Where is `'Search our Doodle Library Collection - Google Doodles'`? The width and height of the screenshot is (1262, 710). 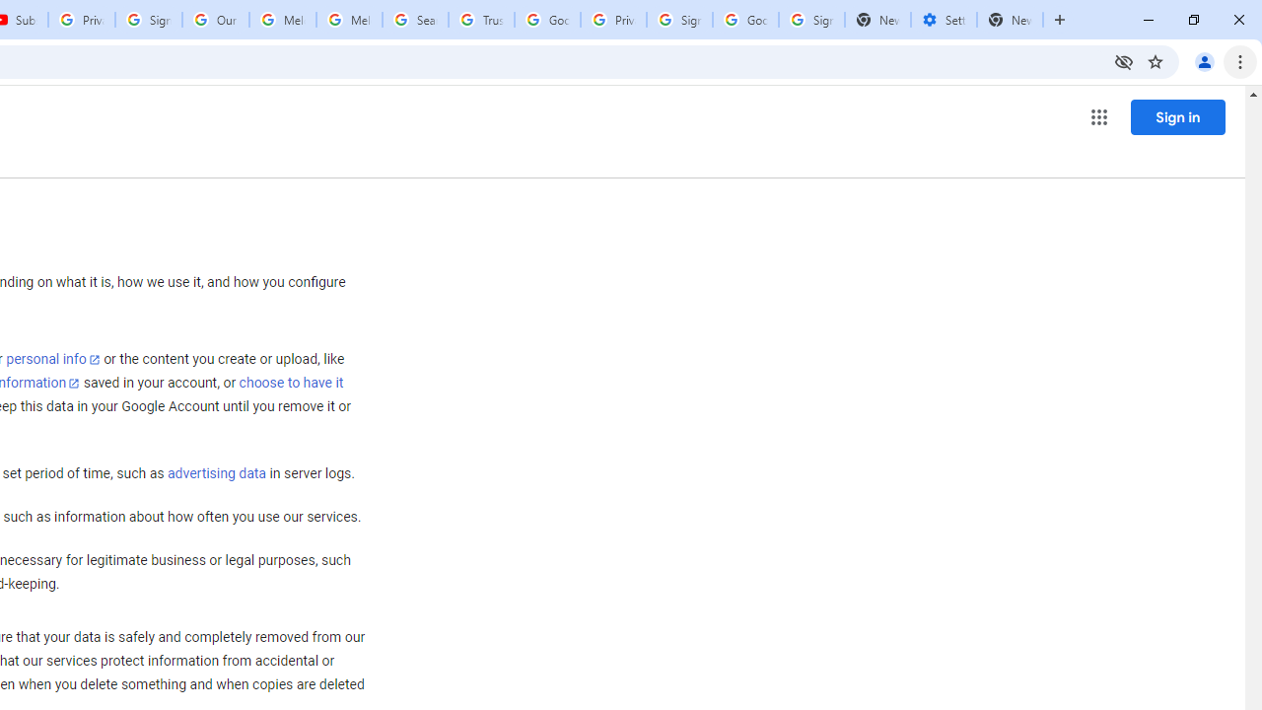
'Search our Doodle Library Collection - Google Doodles' is located at coordinates (414, 20).